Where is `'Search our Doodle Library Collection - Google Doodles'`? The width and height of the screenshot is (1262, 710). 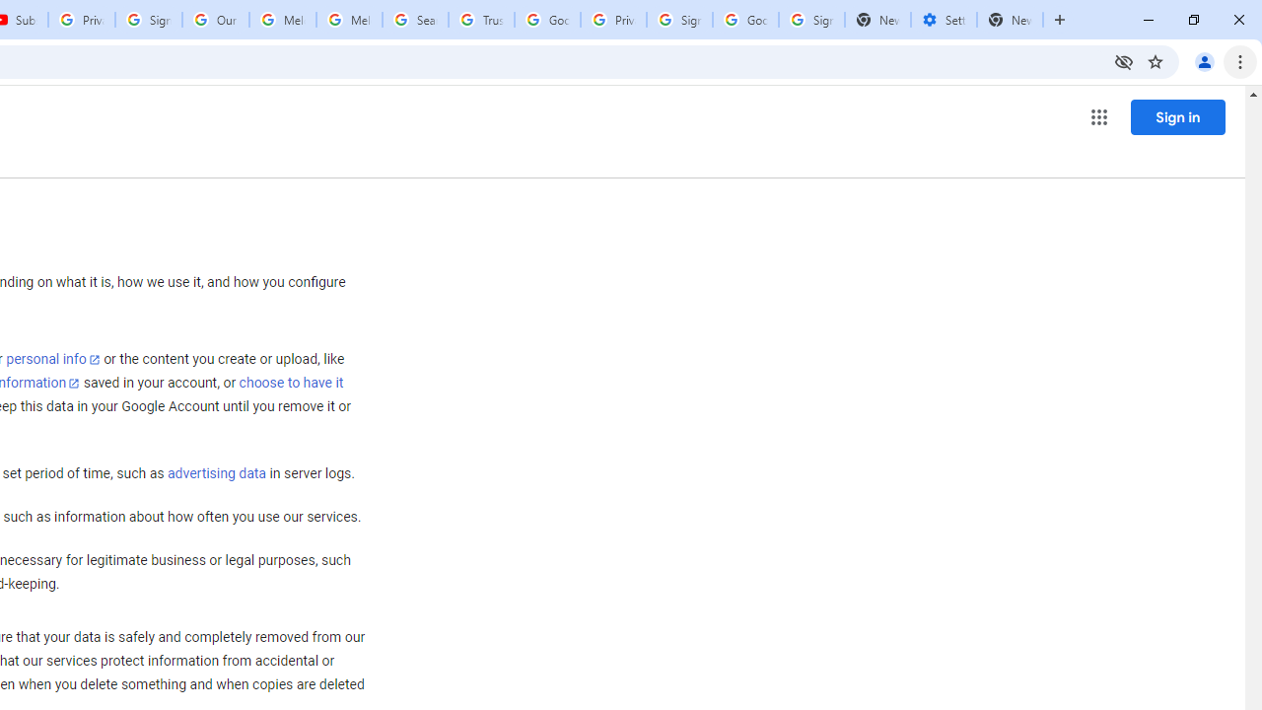
'Search our Doodle Library Collection - Google Doodles' is located at coordinates (414, 20).